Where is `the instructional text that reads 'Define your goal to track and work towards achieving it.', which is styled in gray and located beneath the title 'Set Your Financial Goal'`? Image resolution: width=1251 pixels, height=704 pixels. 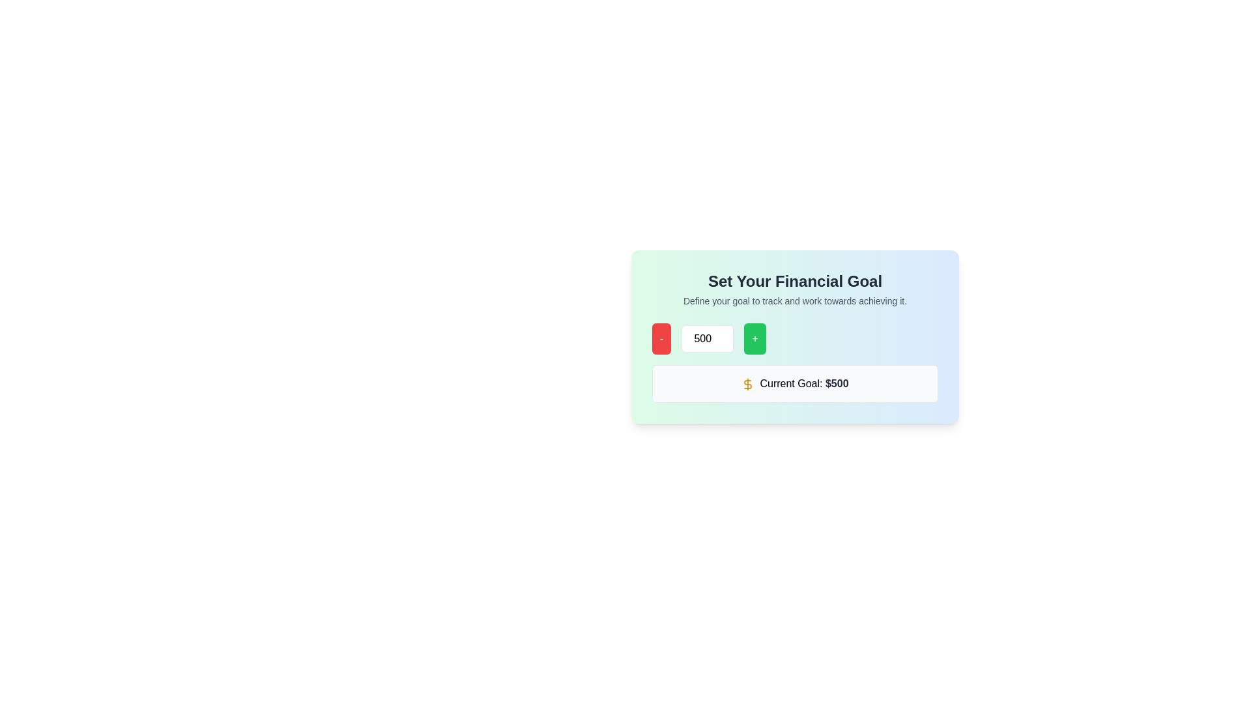 the instructional text that reads 'Define your goal to track and work towards achieving it.', which is styled in gray and located beneath the title 'Set Your Financial Goal' is located at coordinates (794, 301).